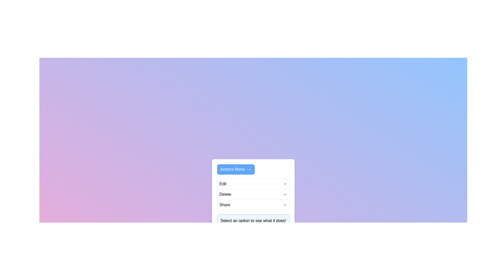 This screenshot has width=491, height=276. What do you see at coordinates (285, 205) in the screenshot?
I see `the chevron icon corresponding to the Share to toggle its dropdown` at bounding box center [285, 205].